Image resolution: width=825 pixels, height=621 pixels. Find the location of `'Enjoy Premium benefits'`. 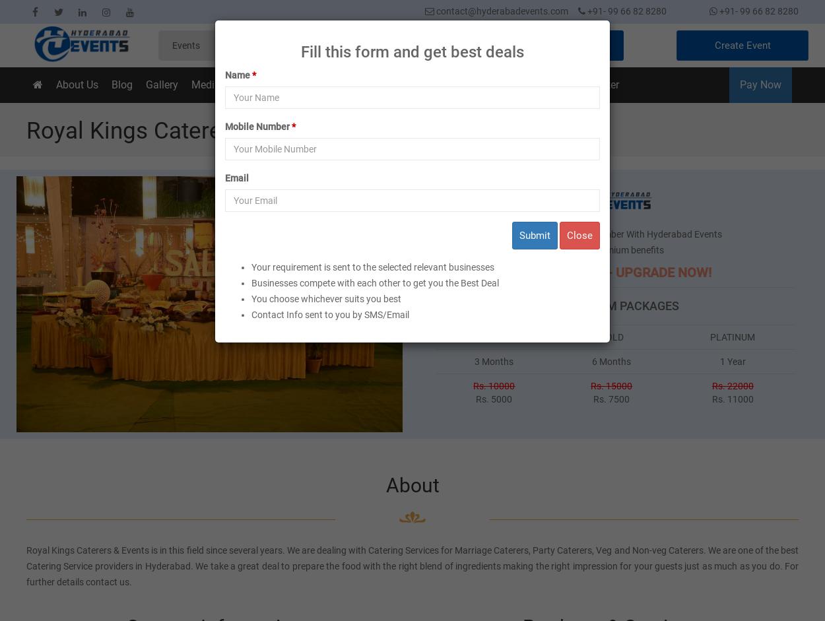

'Enjoy Premium benefits' is located at coordinates (615, 249).